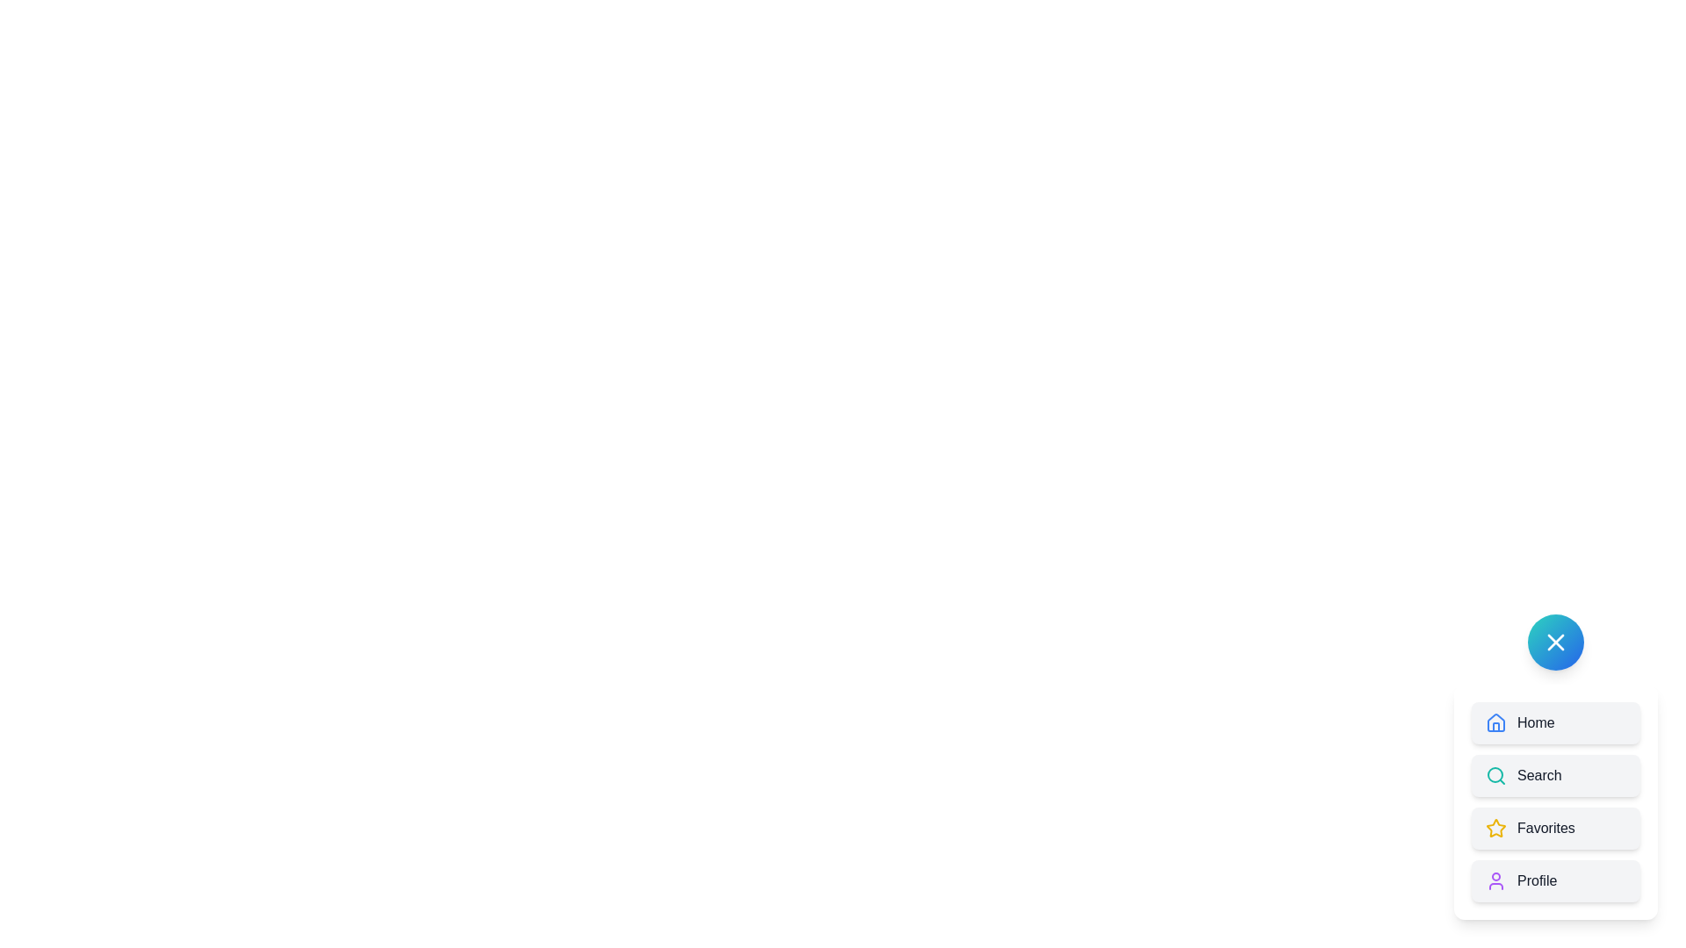 This screenshot has width=1686, height=948. I want to click on the 'Favorites' menu item, which is the third item in the vertical menu at the bottom-right corner of the interface, to observe hover effects, so click(1555, 802).